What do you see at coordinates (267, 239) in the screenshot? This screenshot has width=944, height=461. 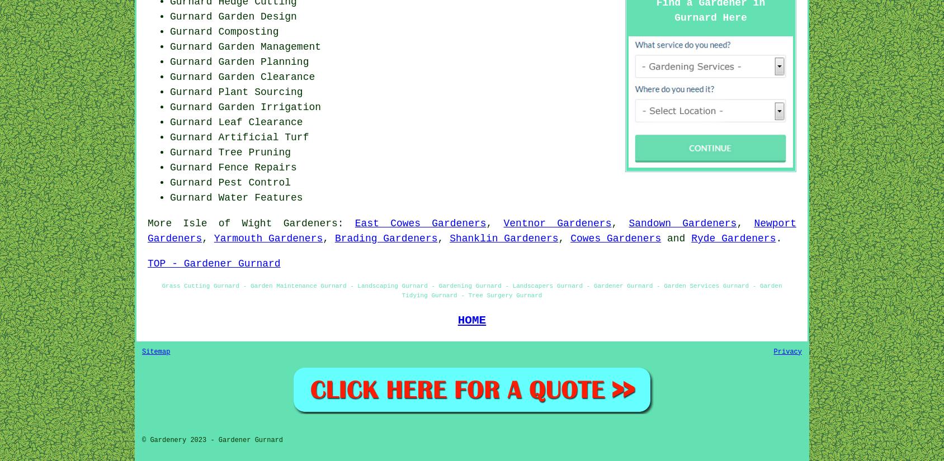 I see `'Yarmouth Gardeners'` at bounding box center [267, 239].